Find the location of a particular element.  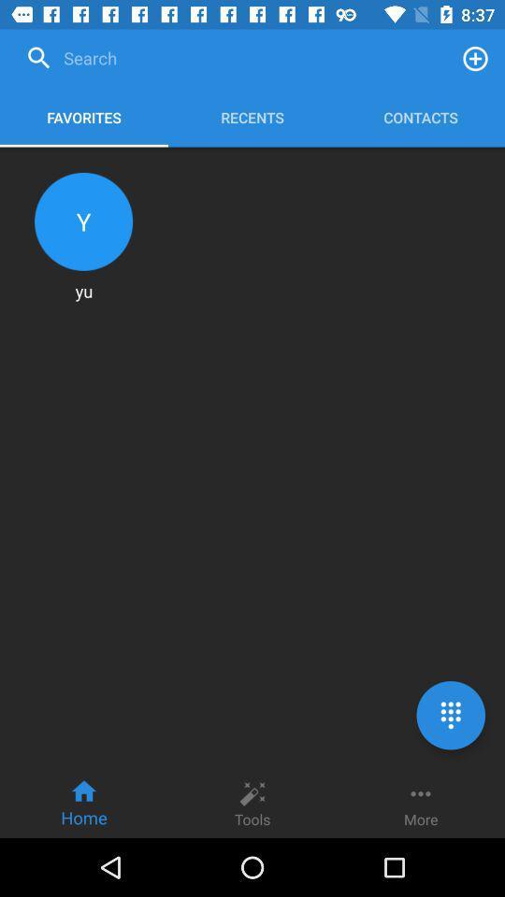

menu is located at coordinates (450, 714).